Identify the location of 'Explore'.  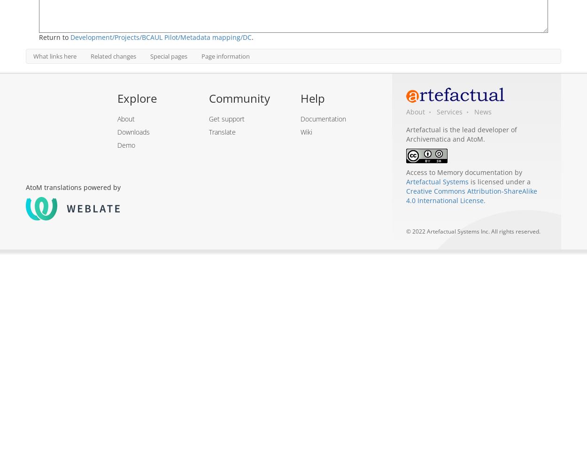
(117, 98).